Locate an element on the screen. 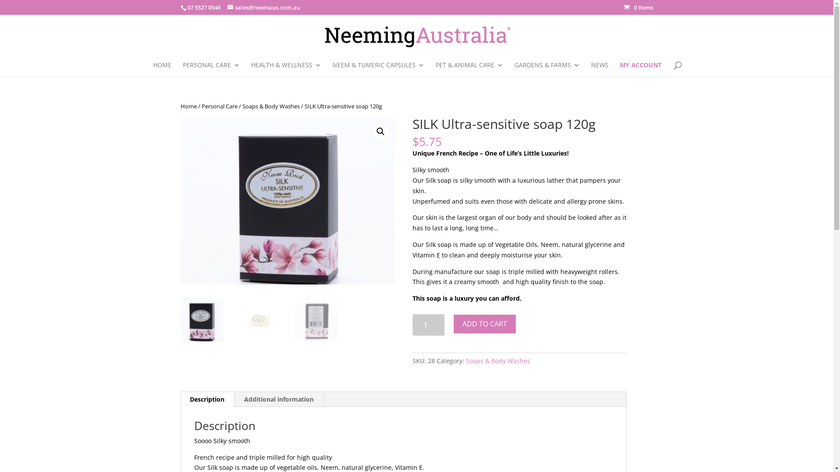 The image size is (840, 472). 'HEALTH & WELLNESS' is located at coordinates (286, 69).